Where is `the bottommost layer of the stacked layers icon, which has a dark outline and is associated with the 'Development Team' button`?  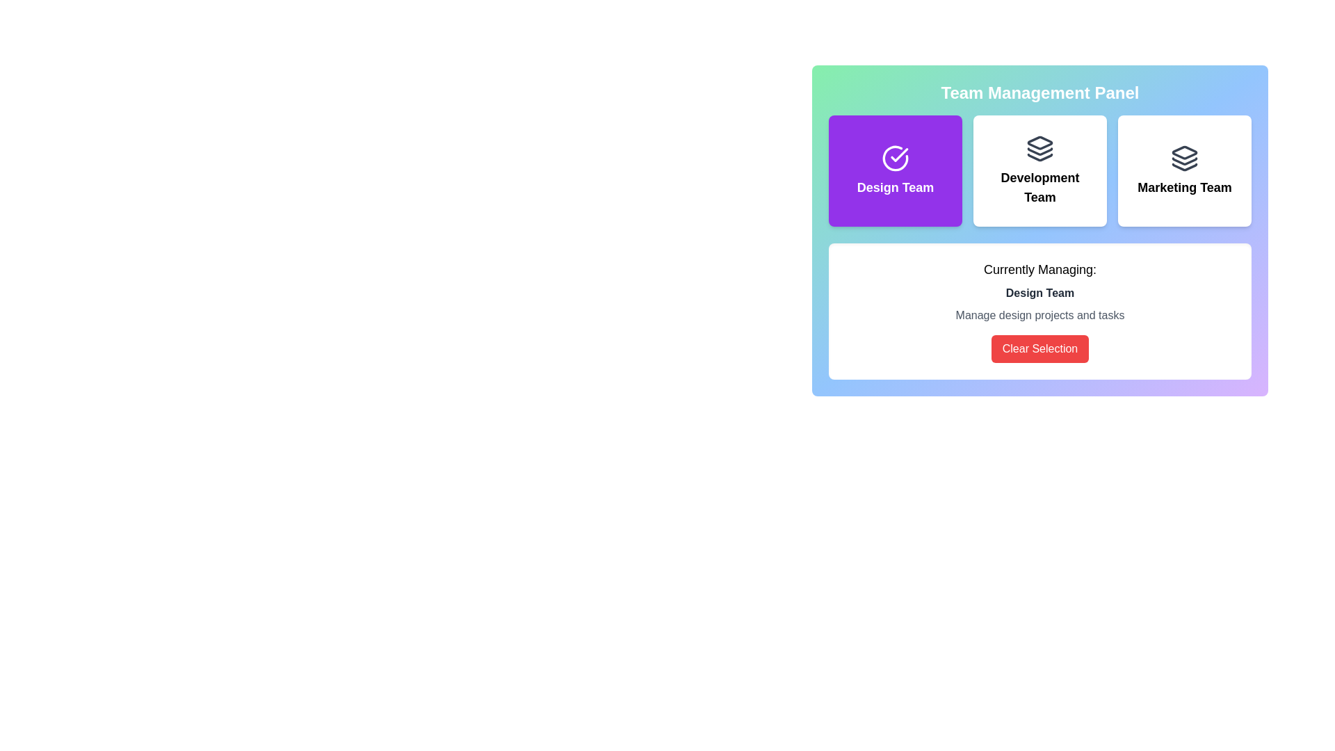 the bottommost layer of the stacked layers icon, which has a dark outline and is associated with the 'Development Team' button is located at coordinates (1040, 156).